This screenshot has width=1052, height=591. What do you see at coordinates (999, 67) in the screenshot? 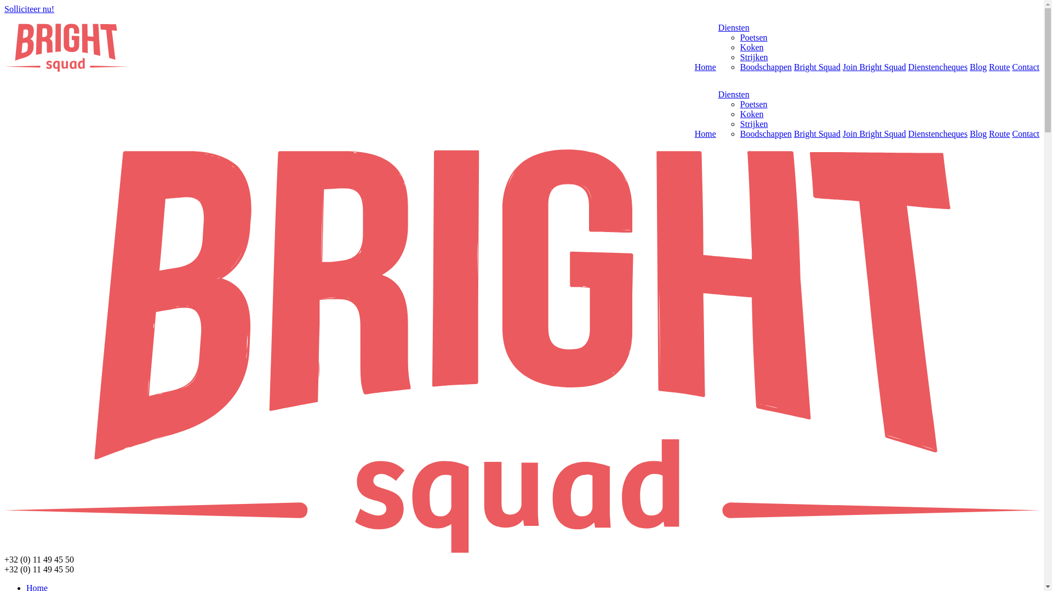
I see `'Route'` at bounding box center [999, 67].